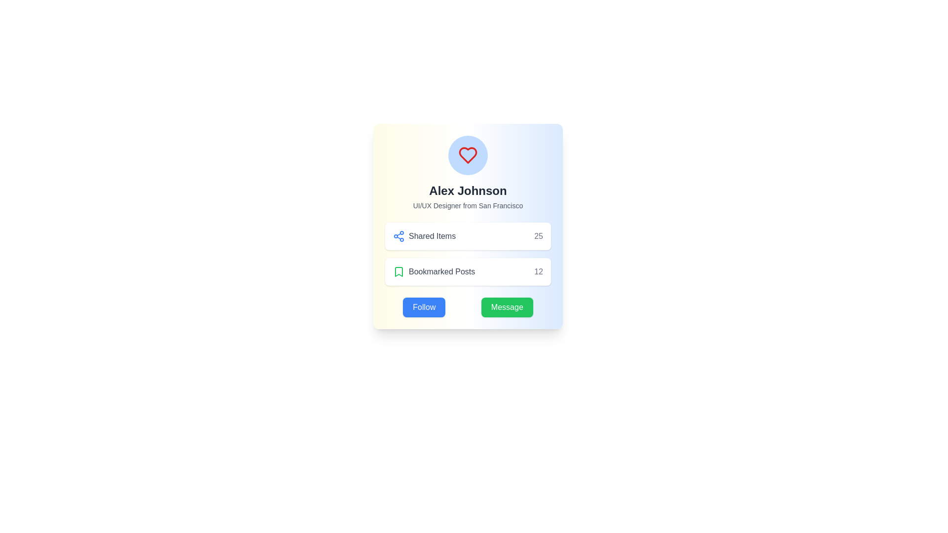 The height and width of the screenshot is (533, 948). I want to click on bookmark icon element located near the center of the interface, to the left of the 'Bookmarked Posts' label, using developer tools, so click(398, 272).